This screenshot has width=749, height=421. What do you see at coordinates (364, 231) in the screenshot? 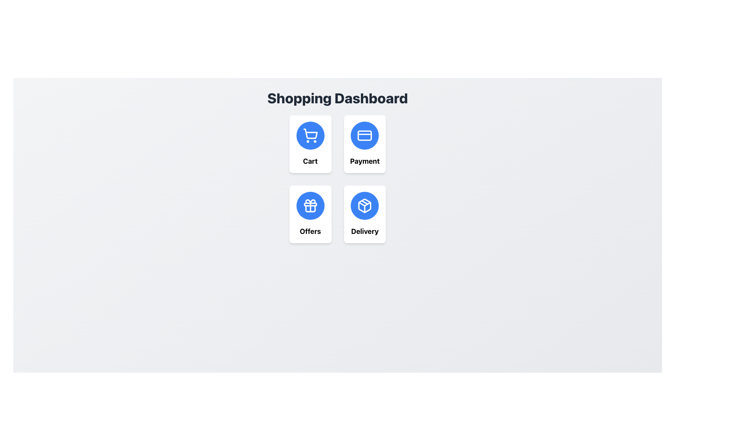
I see `the 'Delivery' text label, which is bold and positioned below a blue circular icon with a package illustration in the bottom-right card of a grid arrangement` at bounding box center [364, 231].